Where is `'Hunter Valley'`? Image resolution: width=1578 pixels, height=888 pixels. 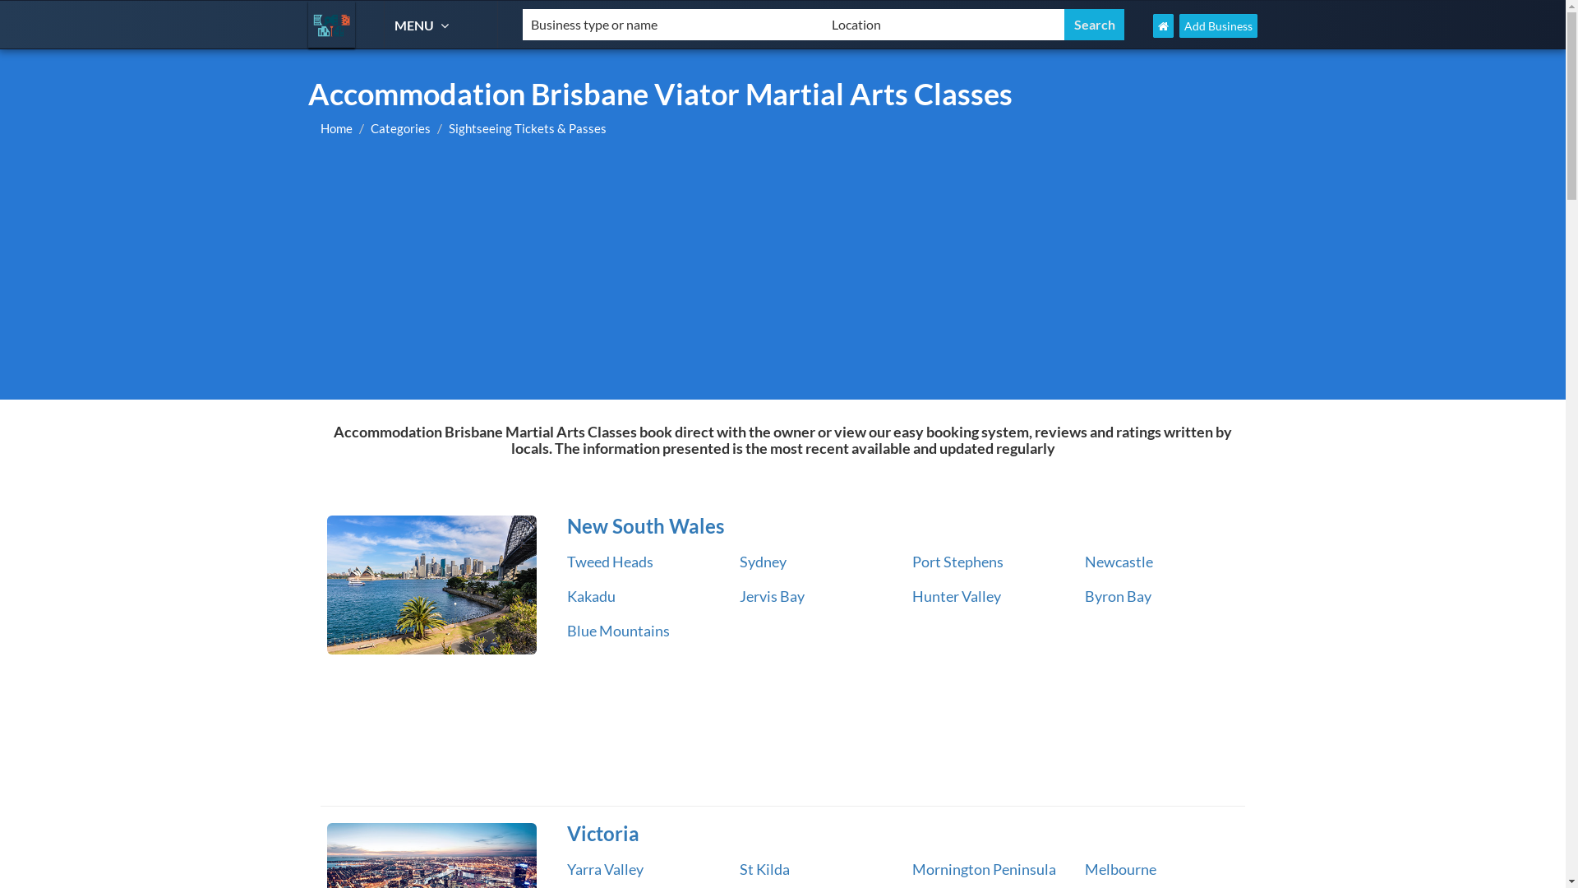 'Hunter Valley' is located at coordinates (956, 596).